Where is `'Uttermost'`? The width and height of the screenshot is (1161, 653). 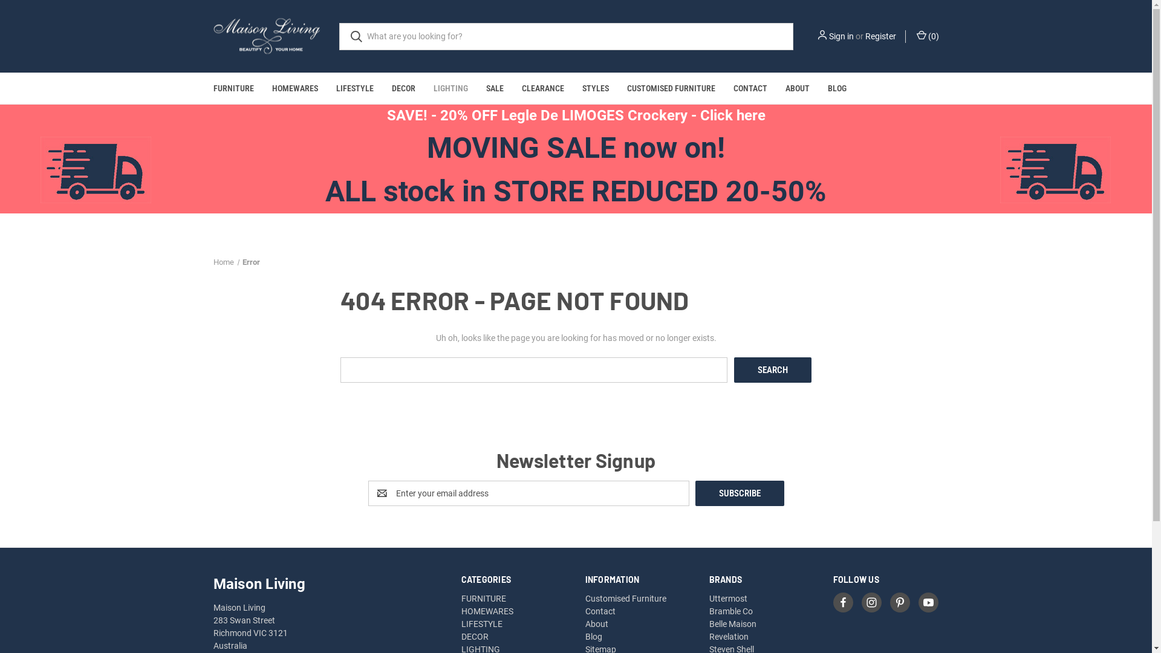
'Uttermost' is located at coordinates (727, 599).